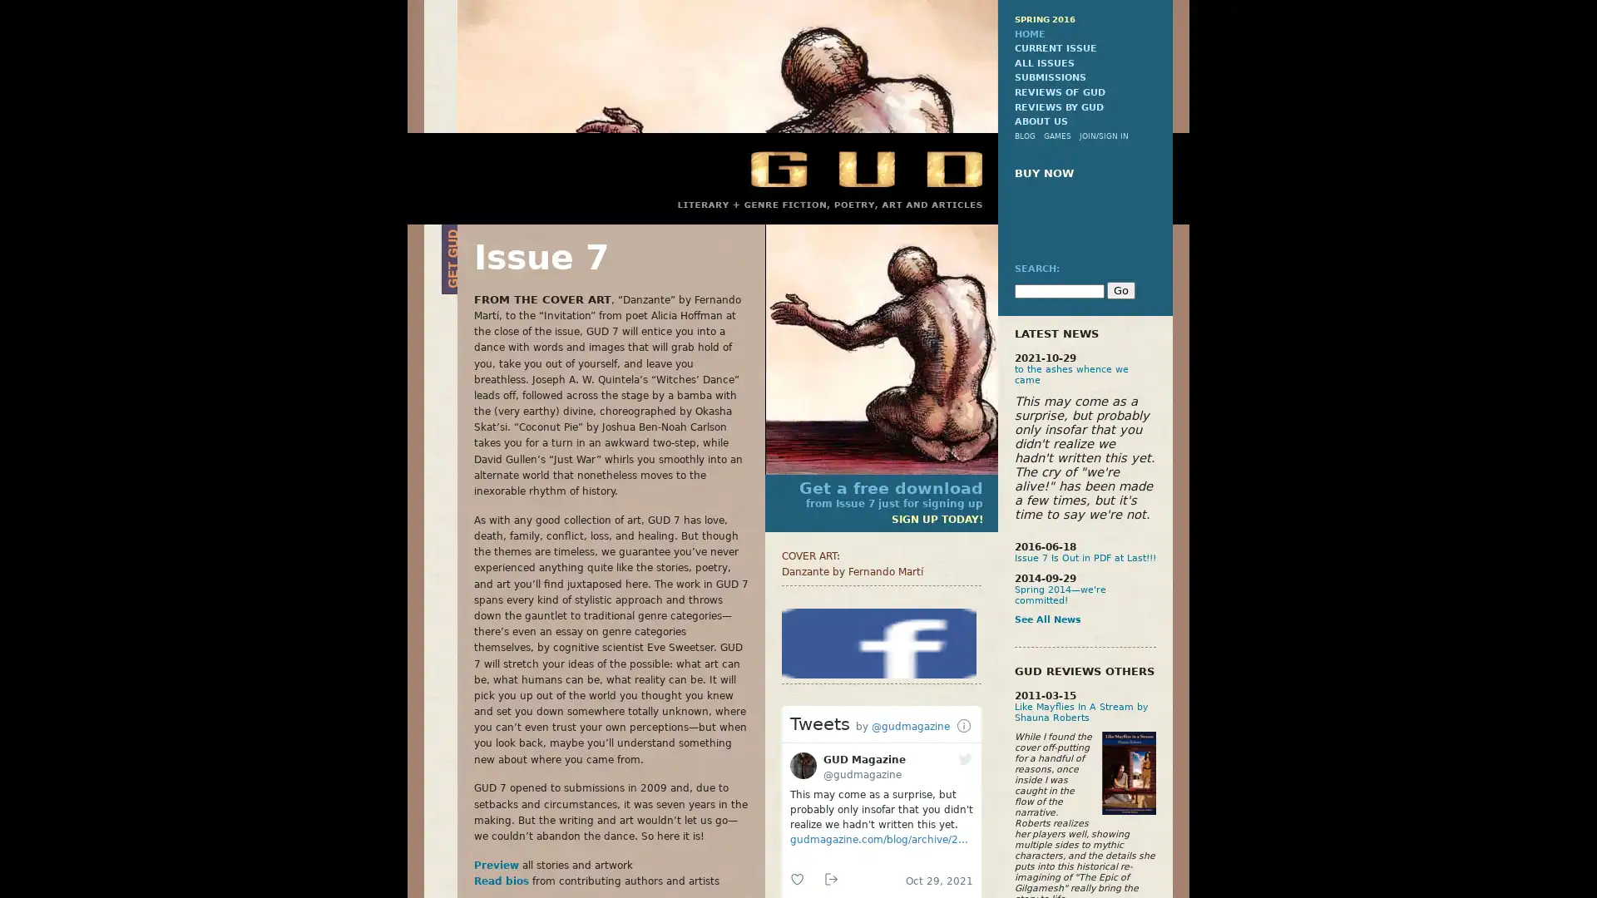  What do you see at coordinates (1121, 289) in the screenshot?
I see `Go` at bounding box center [1121, 289].